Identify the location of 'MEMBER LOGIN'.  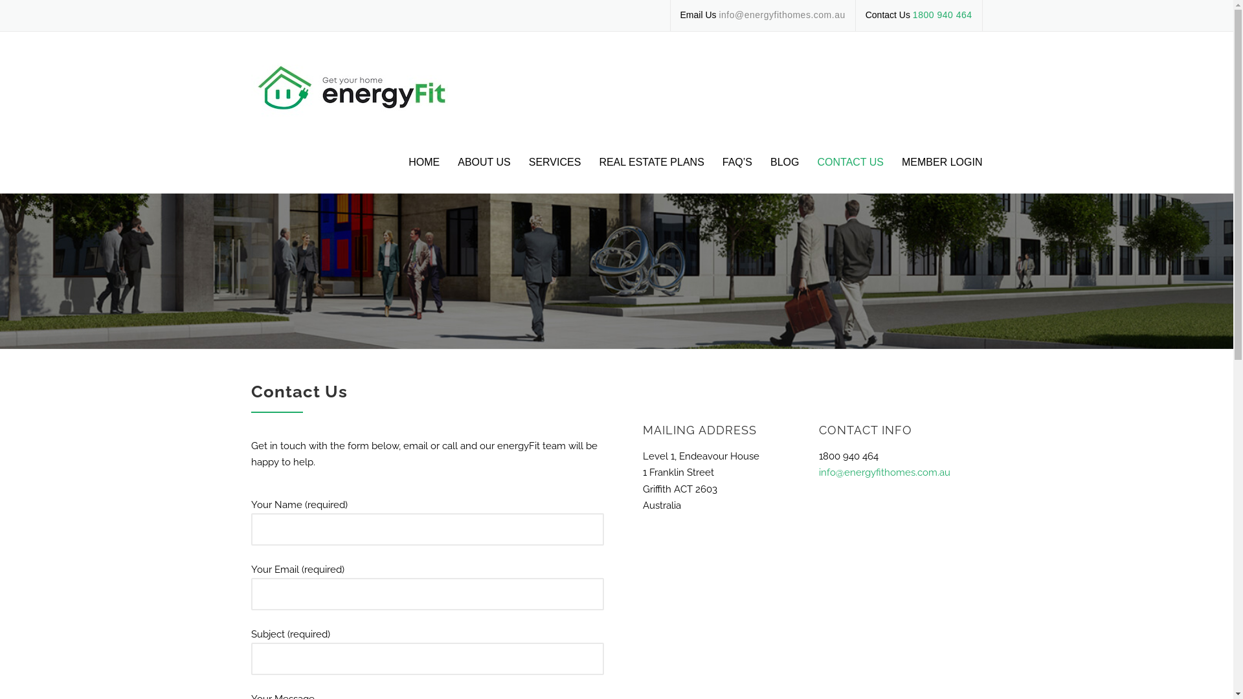
(891, 172).